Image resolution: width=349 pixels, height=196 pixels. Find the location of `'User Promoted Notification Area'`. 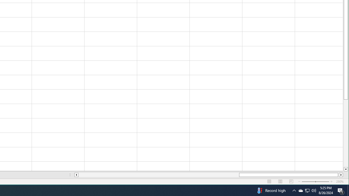

'User Promoted Notification Area' is located at coordinates (307, 190).